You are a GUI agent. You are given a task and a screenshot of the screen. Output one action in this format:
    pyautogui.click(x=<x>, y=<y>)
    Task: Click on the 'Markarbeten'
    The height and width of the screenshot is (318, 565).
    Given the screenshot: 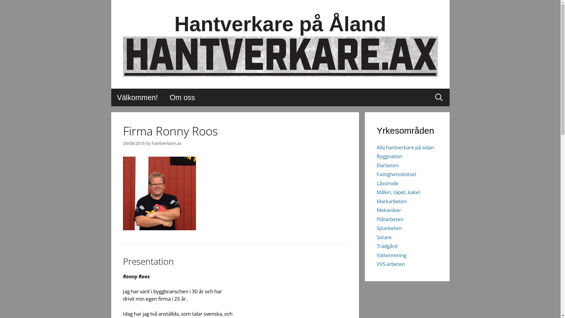 What is the action you would take?
    pyautogui.click(x=391, y=201)
    